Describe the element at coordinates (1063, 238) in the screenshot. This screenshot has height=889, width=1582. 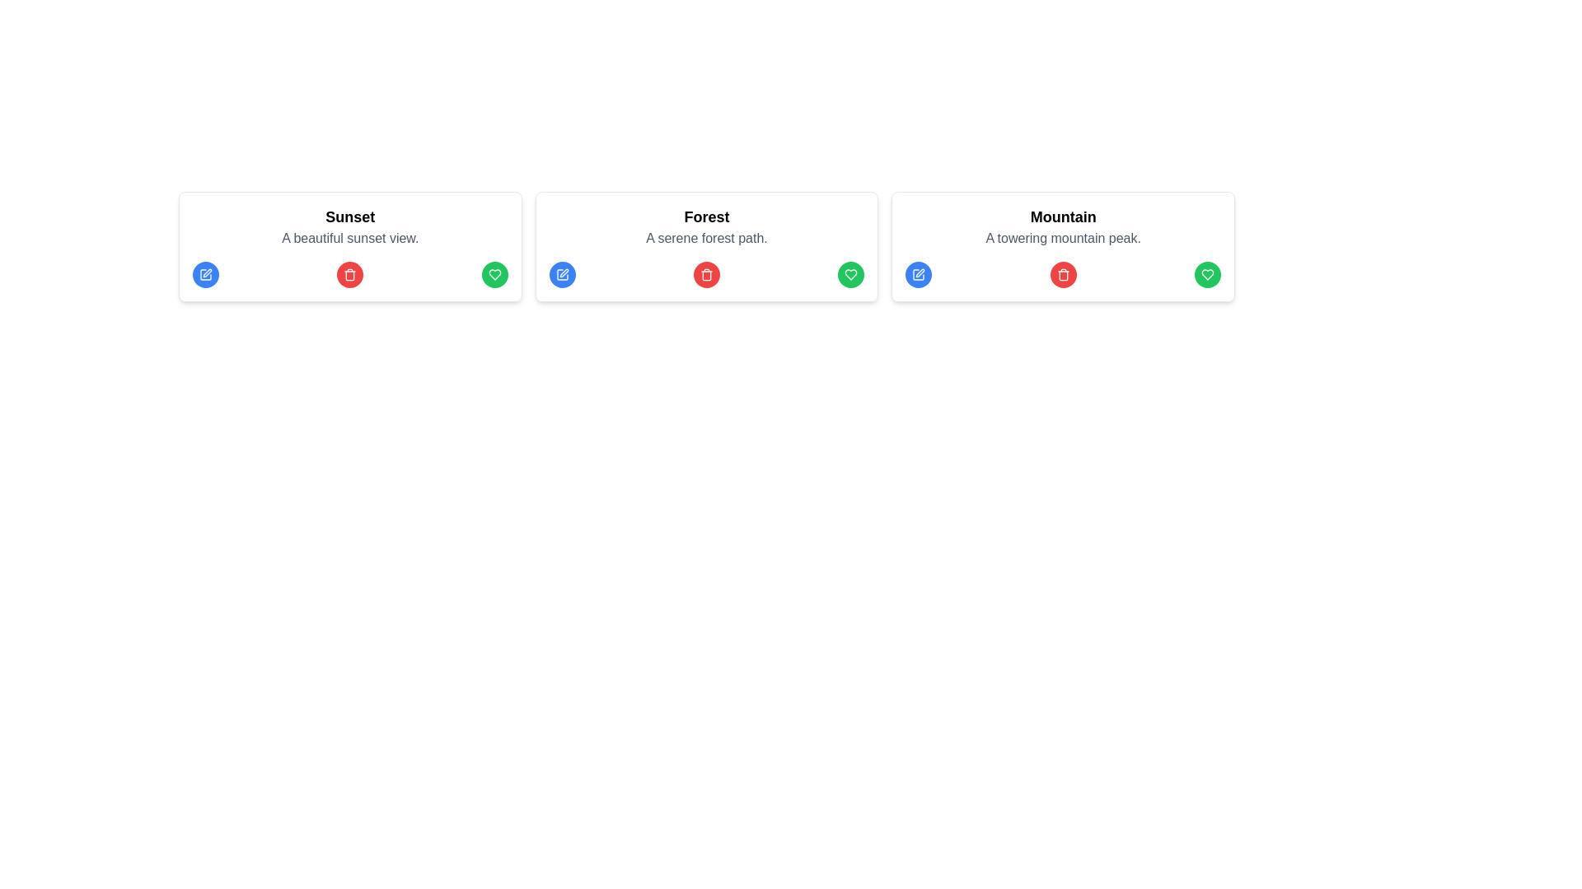
I see `the text element that provides a description of the geographic feature 'Mountain', located beneath its title in the third card labeled 'Mountain'` at that location.